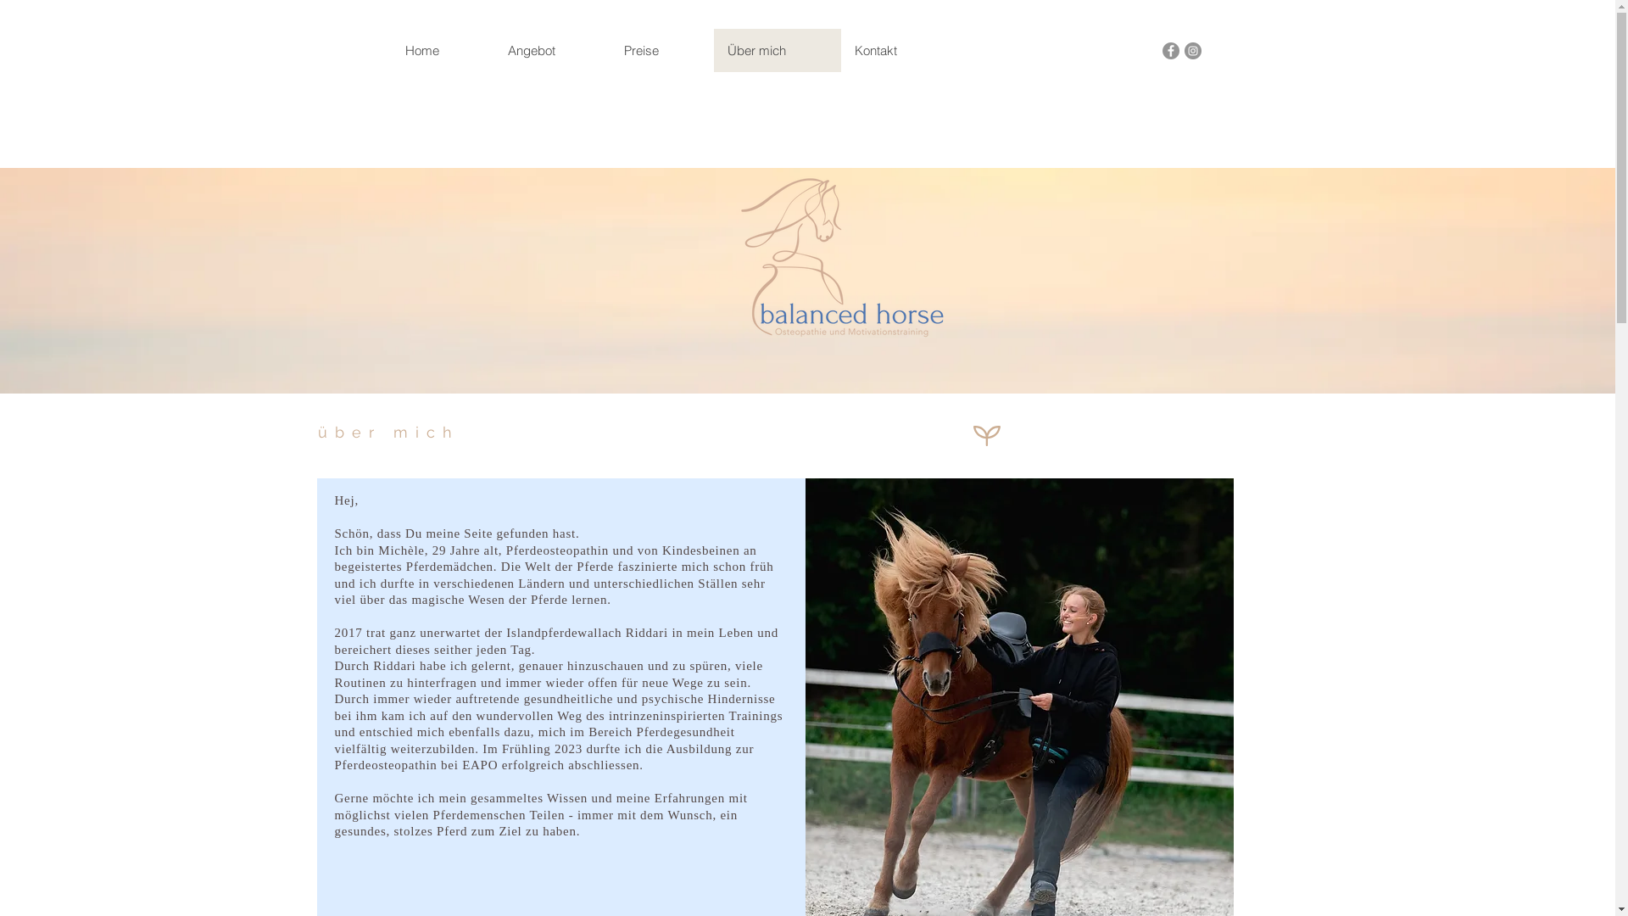 This screenshot has height=916, width=1628. Describe the element at coordinates (492, 49) in the screenshot. I see `'Angebot'` at that location.